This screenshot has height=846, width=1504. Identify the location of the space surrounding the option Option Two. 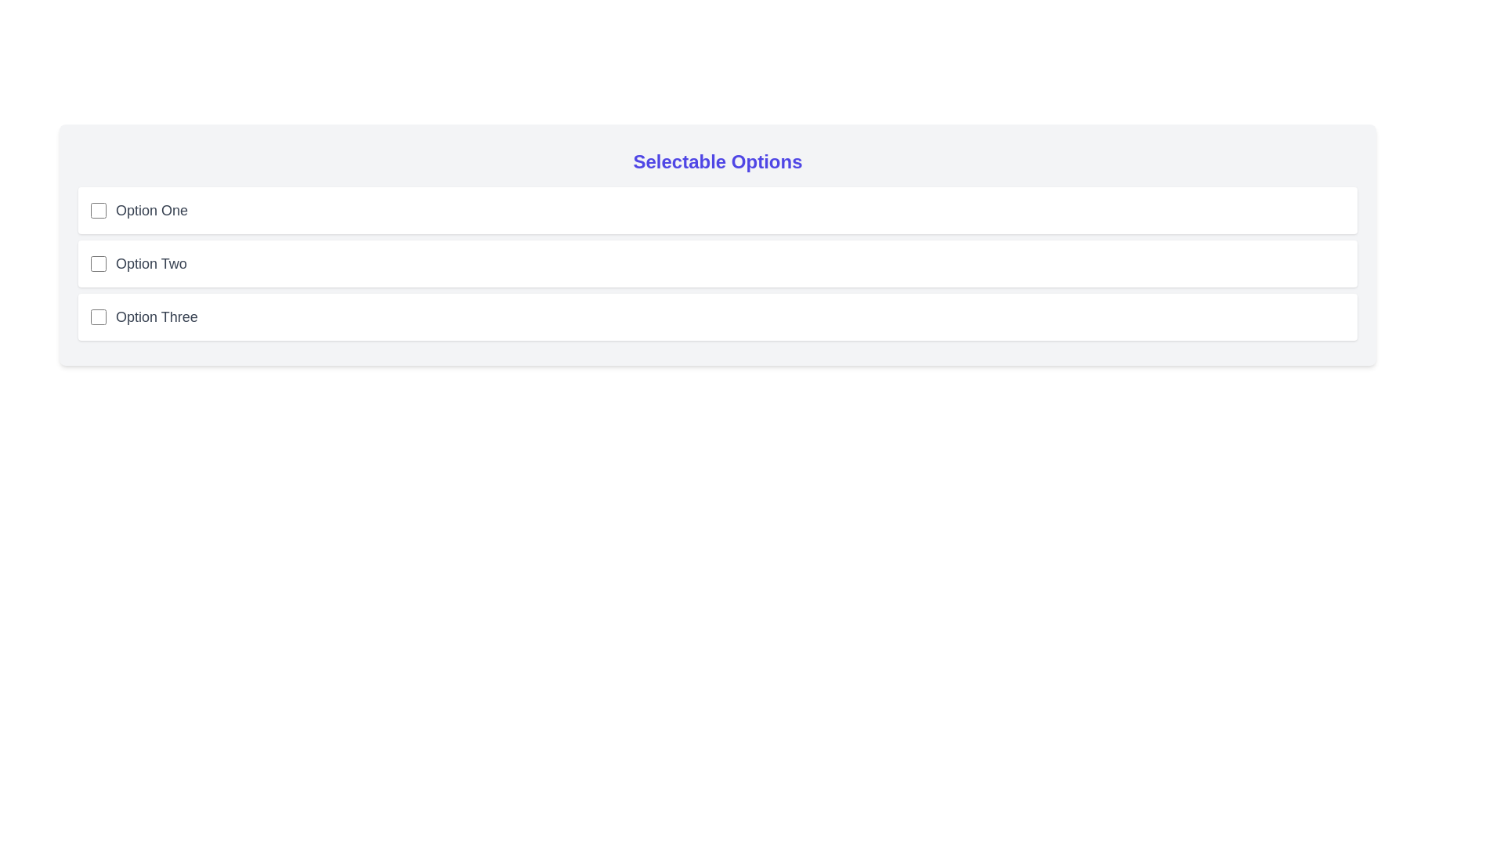
(78, 240).